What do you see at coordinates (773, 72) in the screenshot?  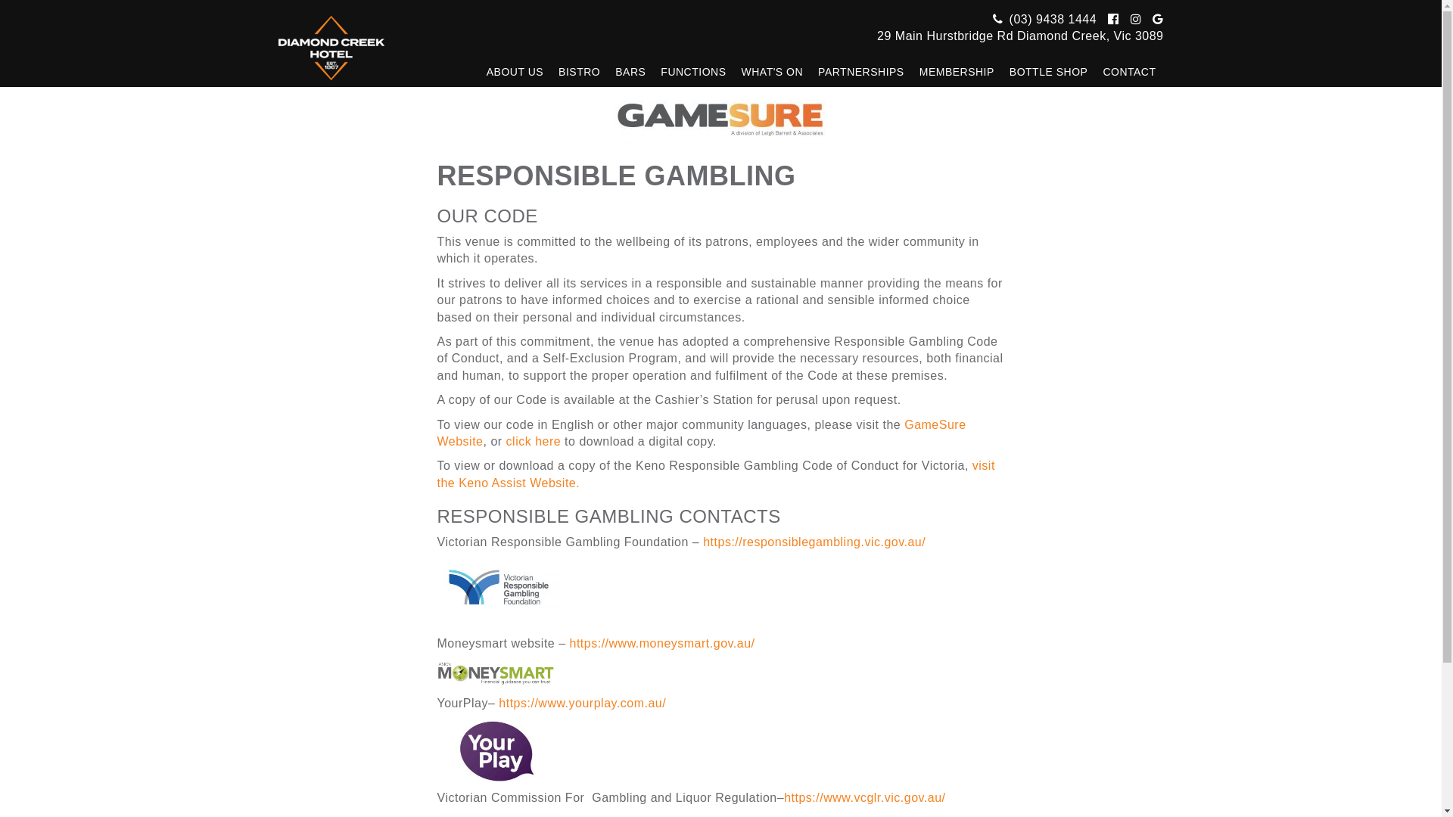 I see `'WHAT'S ON'` at bounding box center [773, 72].